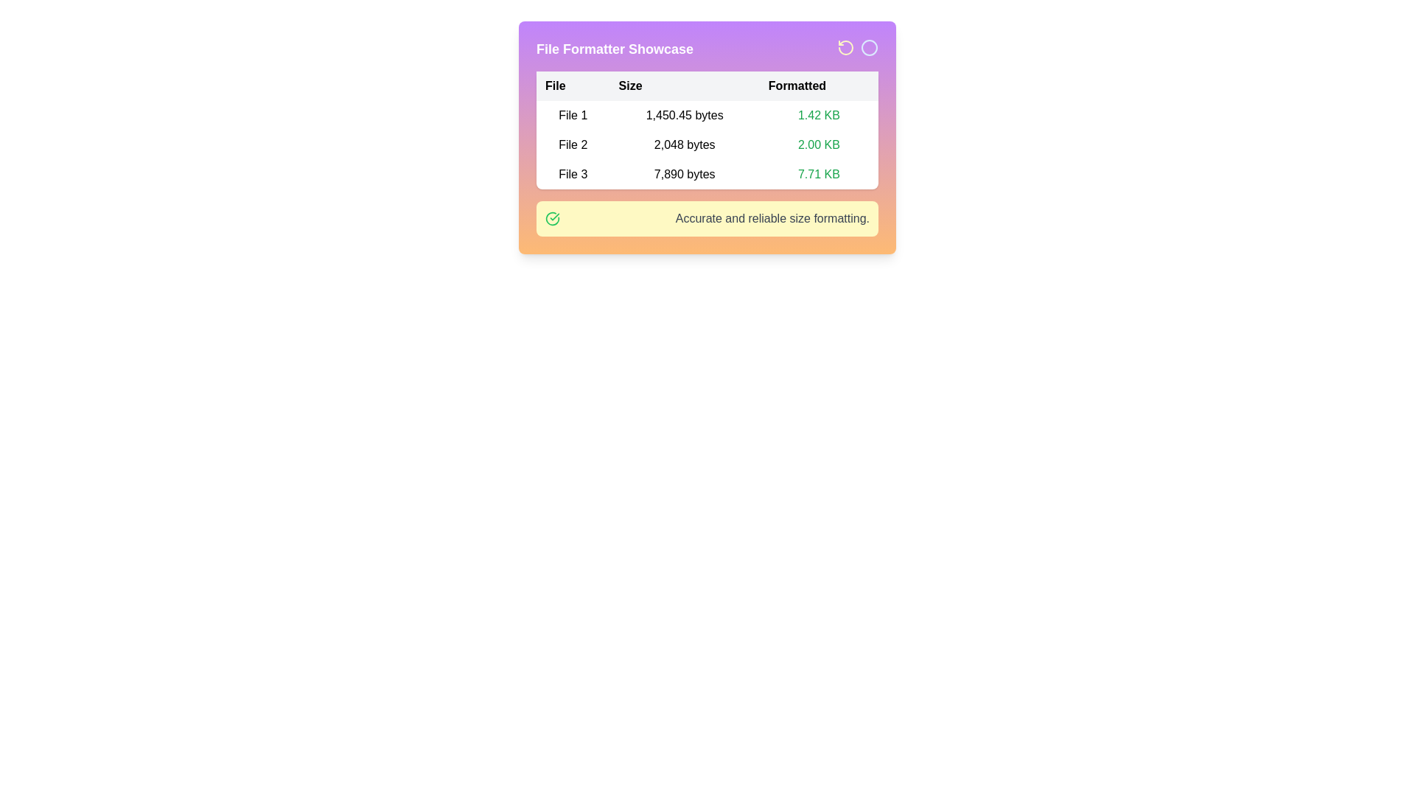 This screenshot has width=1415, height=796. I want to click on the circular arrow icon in the top-right corner that represents a counter-clockwise rotation, so click(845, 47).